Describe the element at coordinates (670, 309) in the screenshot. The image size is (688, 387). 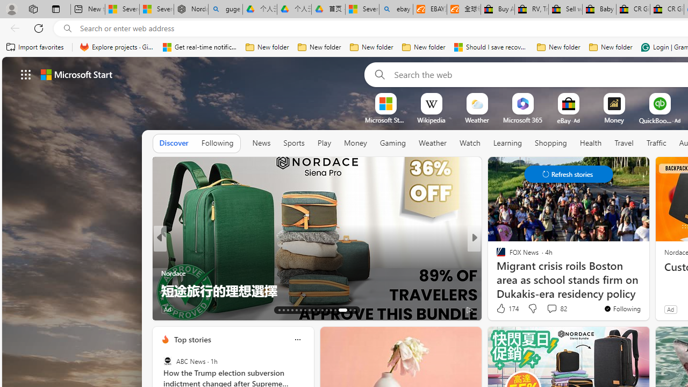
I see `'Ad'` at that location.